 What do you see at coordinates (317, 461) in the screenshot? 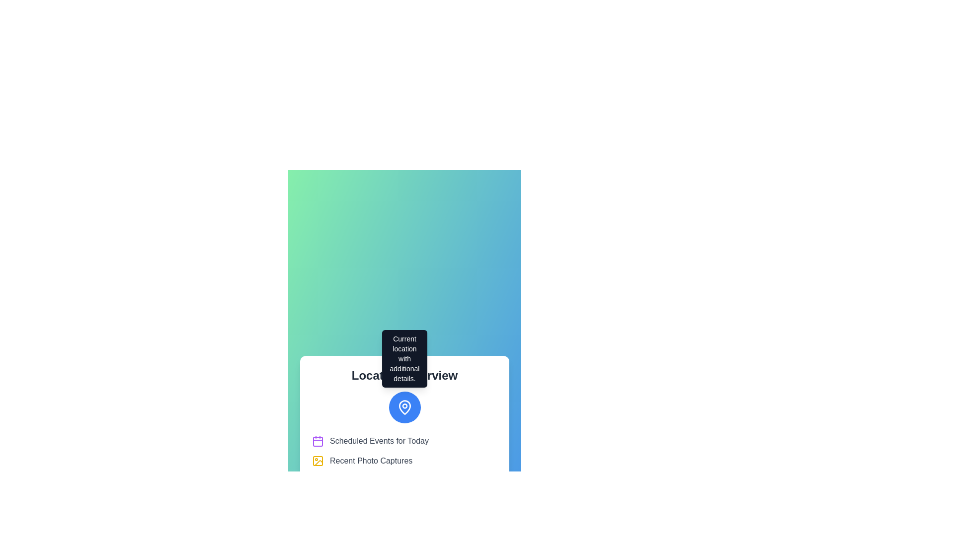
I see `the yellow-colored icon resembling an image, which has a thin border and a diagonal line, located immediately to the left of the text 'Recent Photo Captures'` at bounding box center [317, 461].